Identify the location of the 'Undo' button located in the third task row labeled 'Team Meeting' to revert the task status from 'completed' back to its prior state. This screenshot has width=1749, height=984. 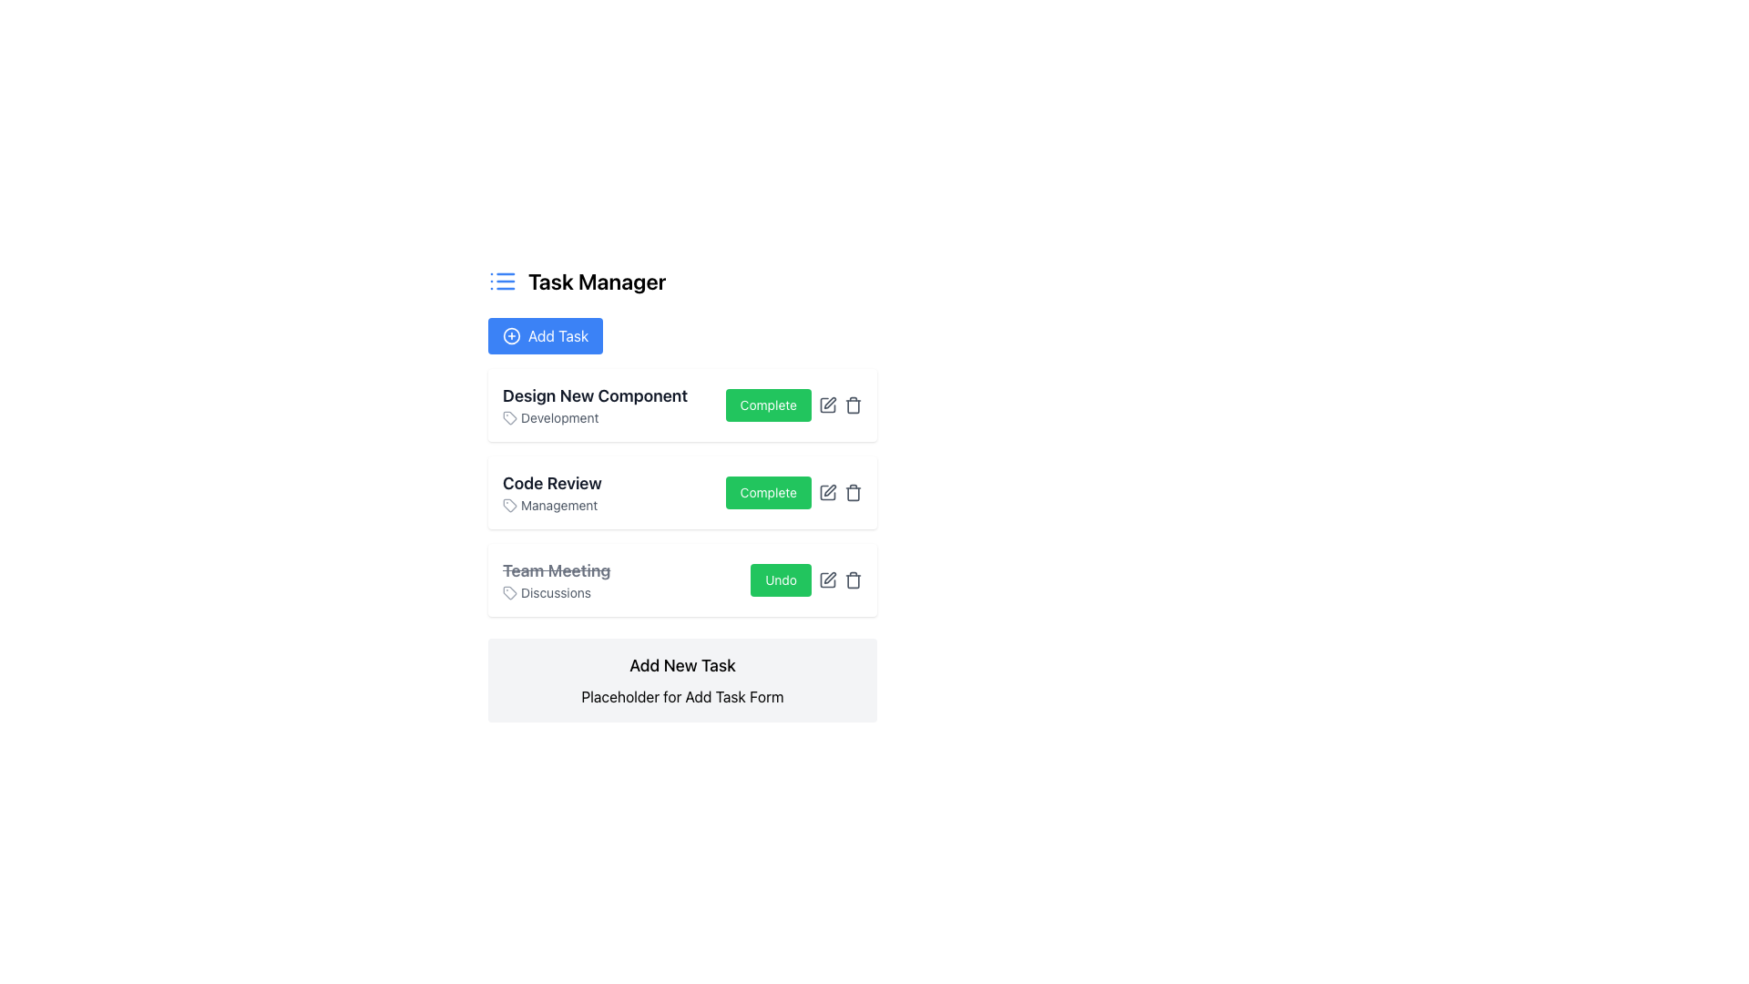
(781, 579).